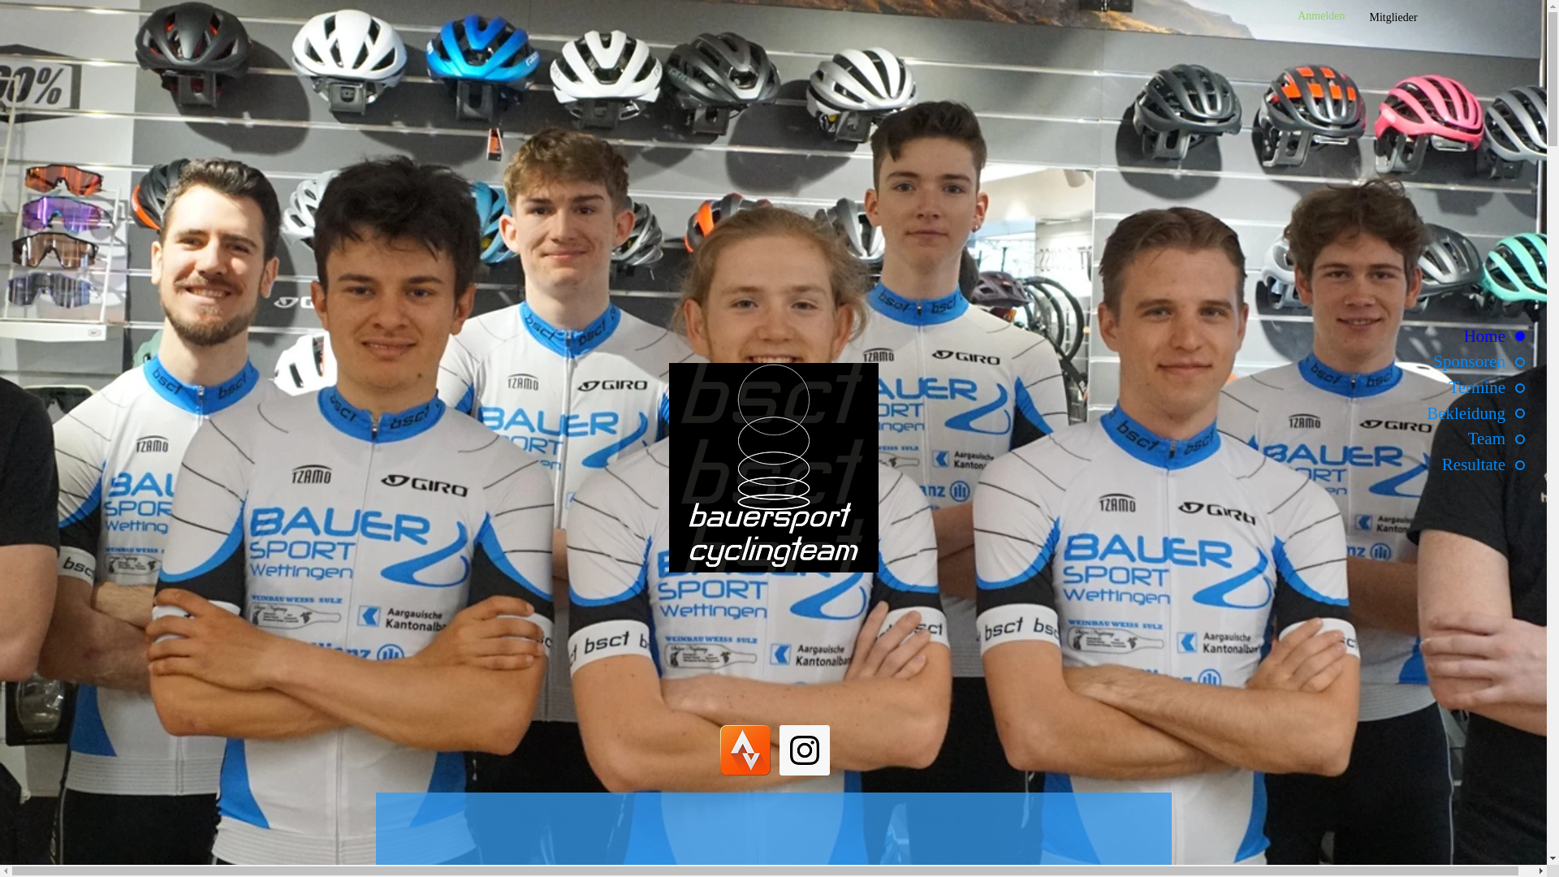 This screenshot has width=1559, height=877. Describe the element at coordinates (1440, 361) in the screenshot. I see `'Sponsoren'` at that location.